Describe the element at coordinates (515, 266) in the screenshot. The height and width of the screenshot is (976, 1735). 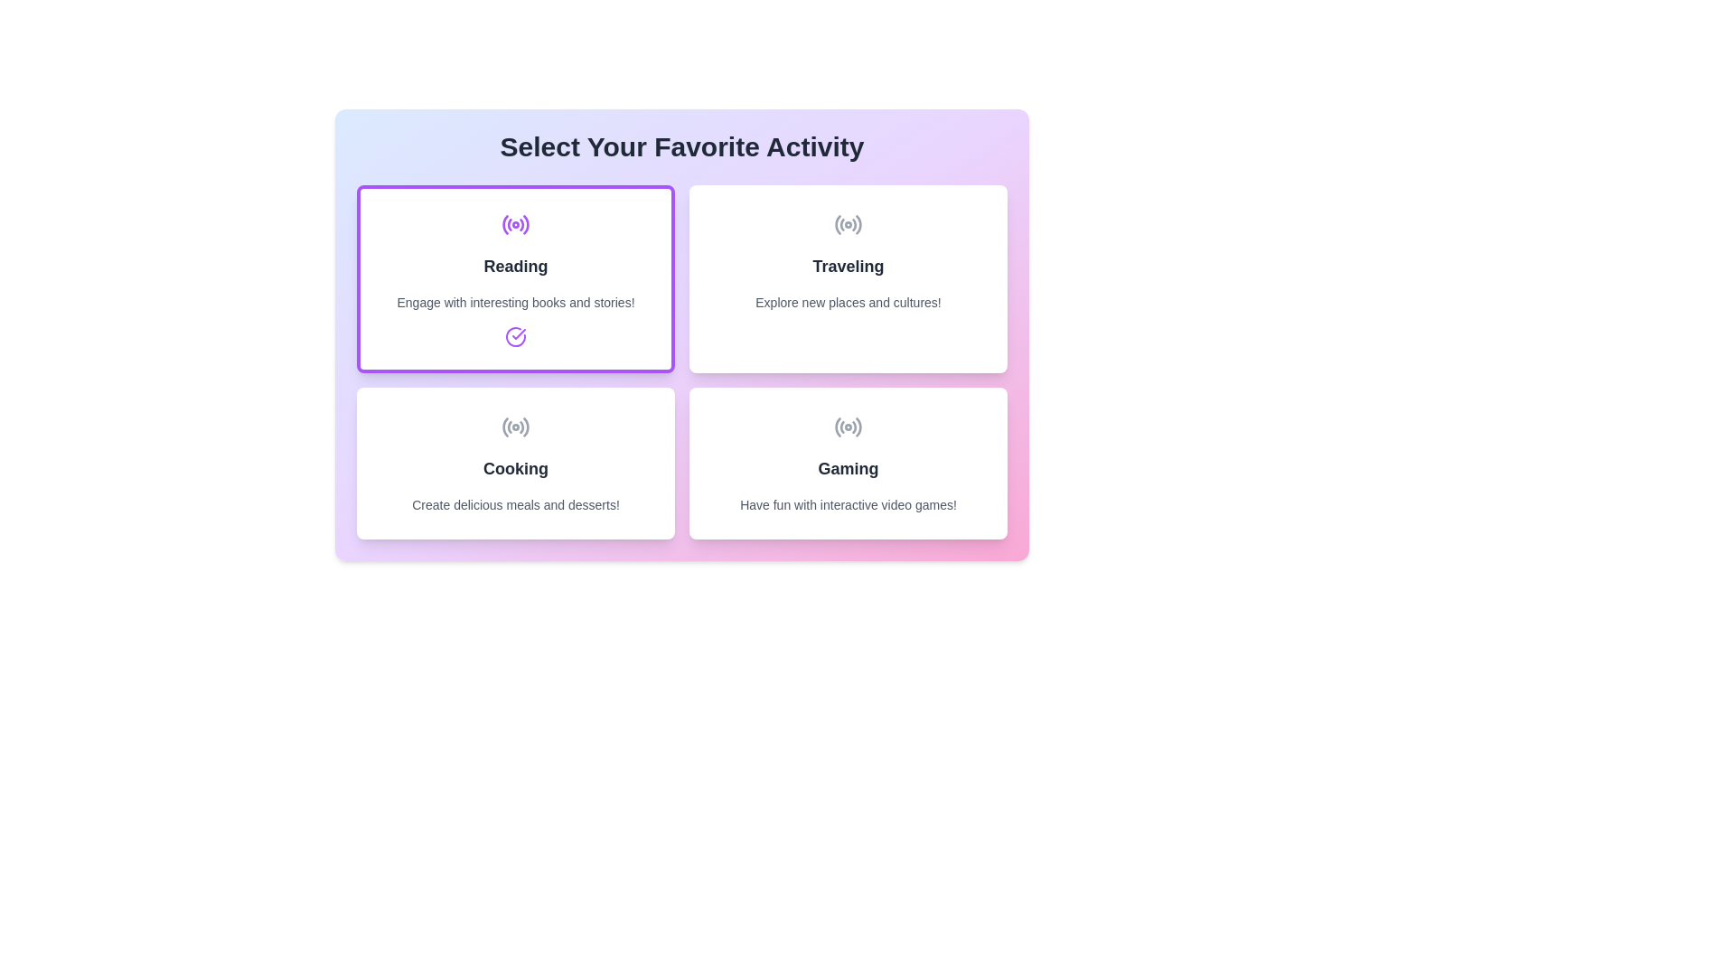
I see `text element displaying 'Reading' which is emphasized in bold, dark gray font within a white card bordered in purple, located in the top-left corner of the card grid` at that location.